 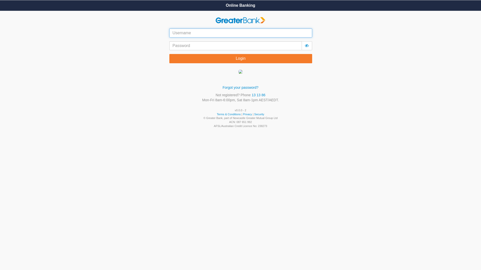 I want to click on 'Login', so click(x=241, y=58).